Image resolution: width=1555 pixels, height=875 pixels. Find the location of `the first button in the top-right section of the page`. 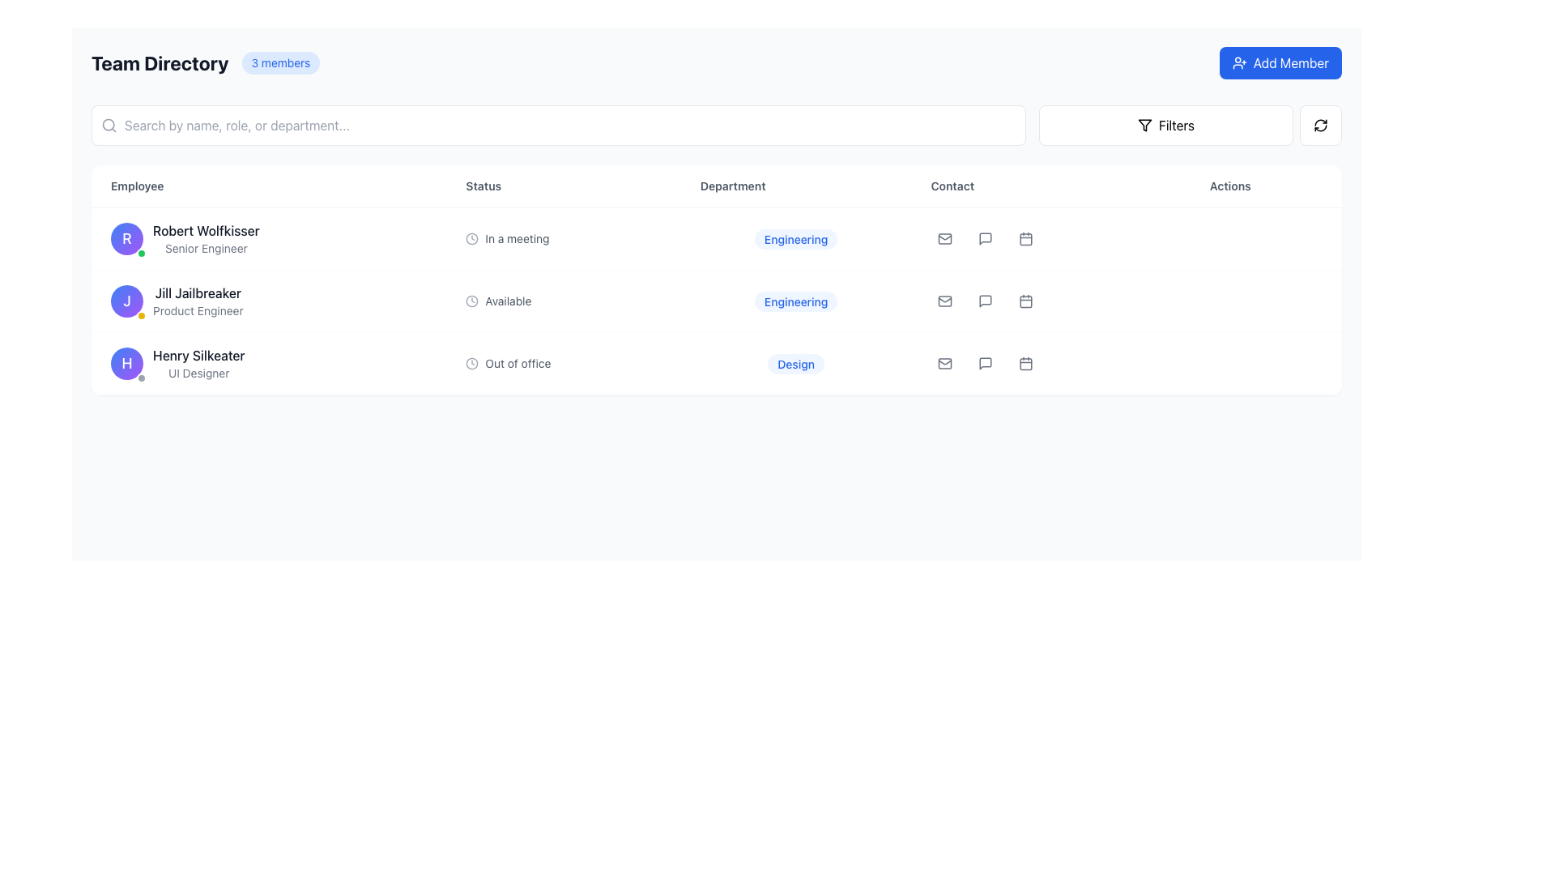

the first button in the top-right section of the page is located at coordinates (1166, 124).